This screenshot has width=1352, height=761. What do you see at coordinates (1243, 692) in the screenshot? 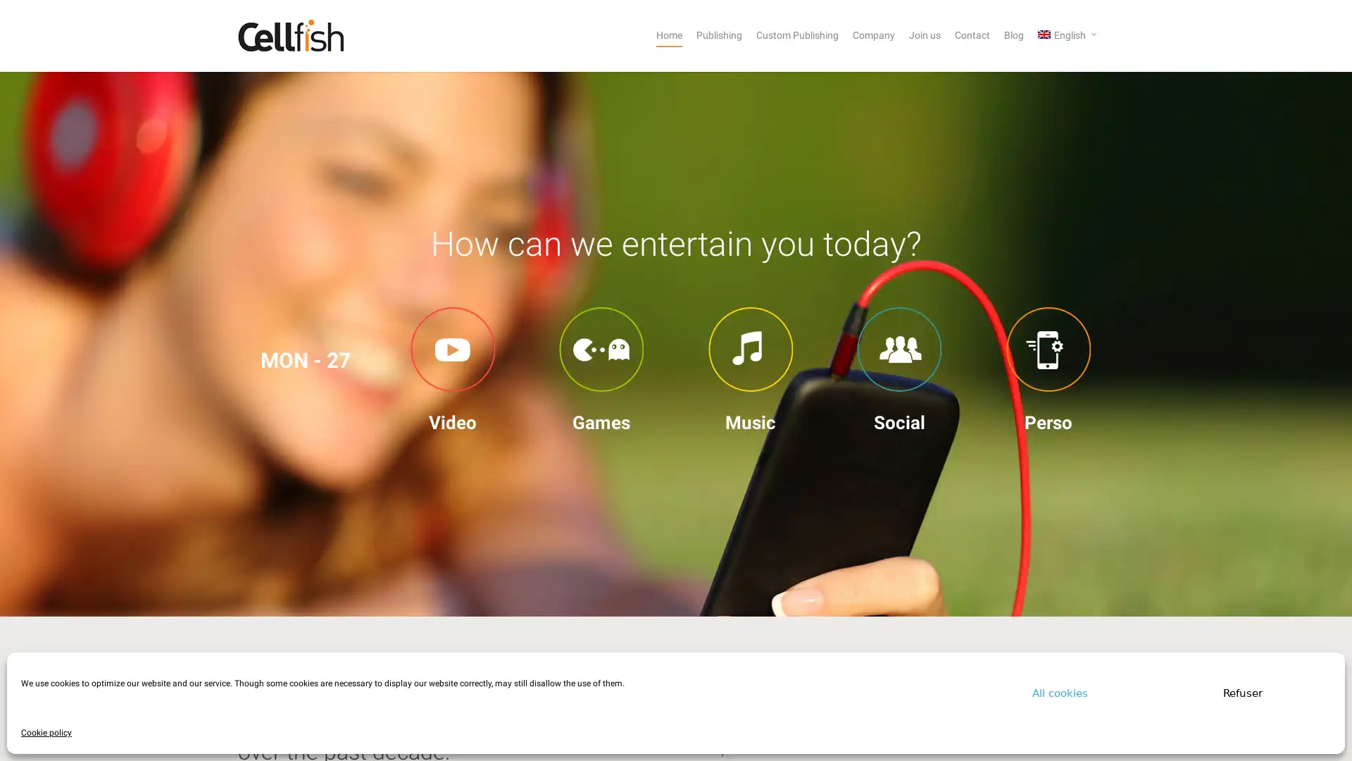
I see `Refuser` at bounding box center [1243, 692].